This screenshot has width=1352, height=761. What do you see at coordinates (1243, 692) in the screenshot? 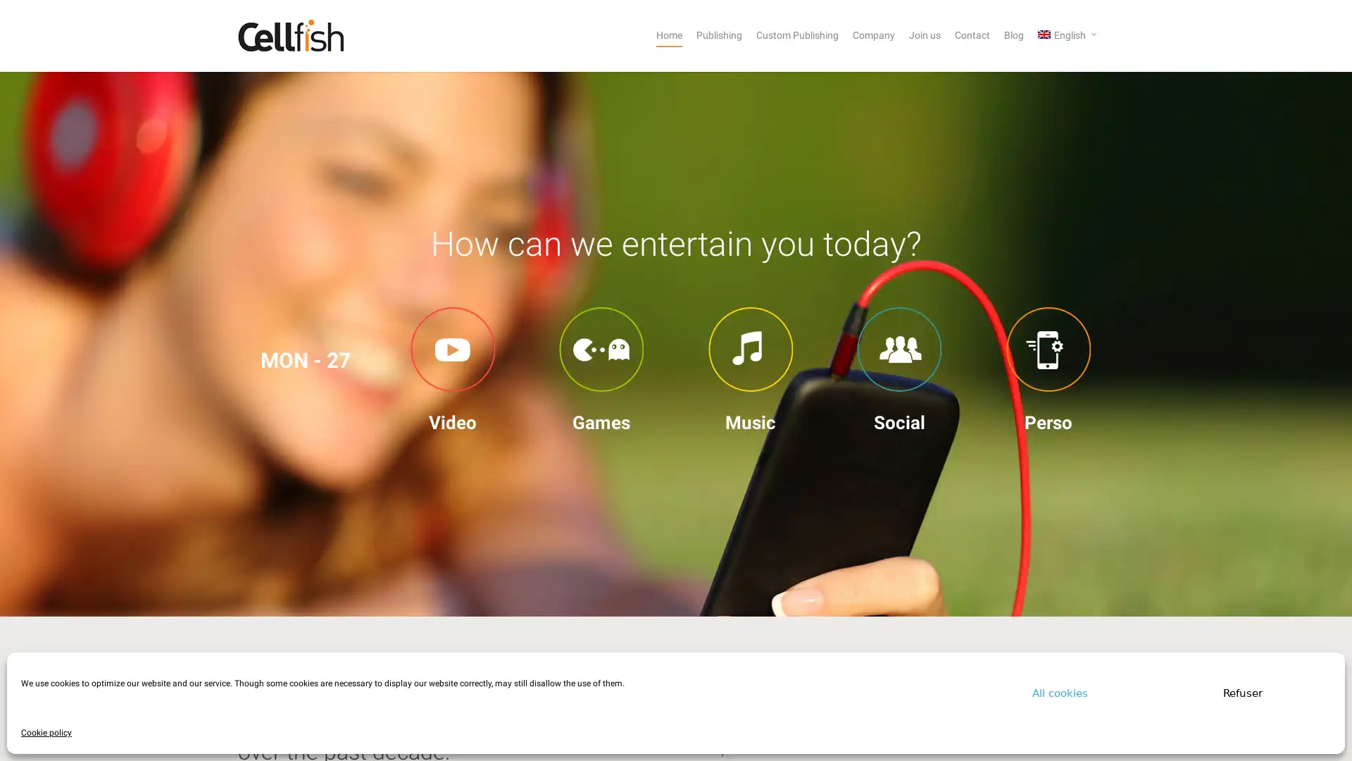
I see `Refuser` at bounding box center [1243, 692].